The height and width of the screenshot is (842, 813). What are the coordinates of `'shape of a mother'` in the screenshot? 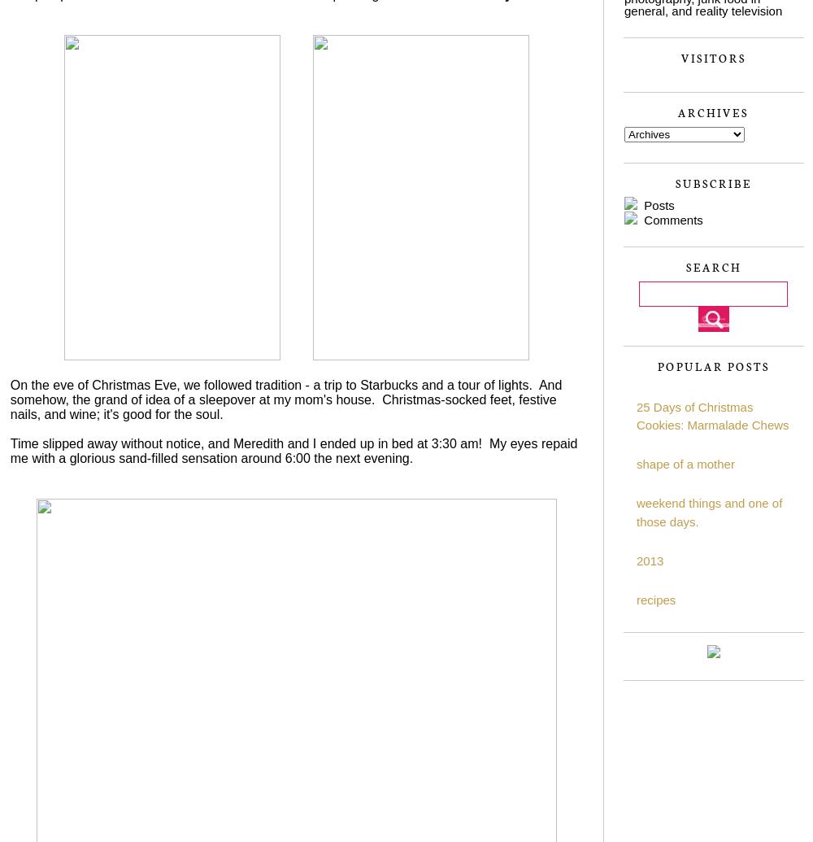 It's located at (685, 463).